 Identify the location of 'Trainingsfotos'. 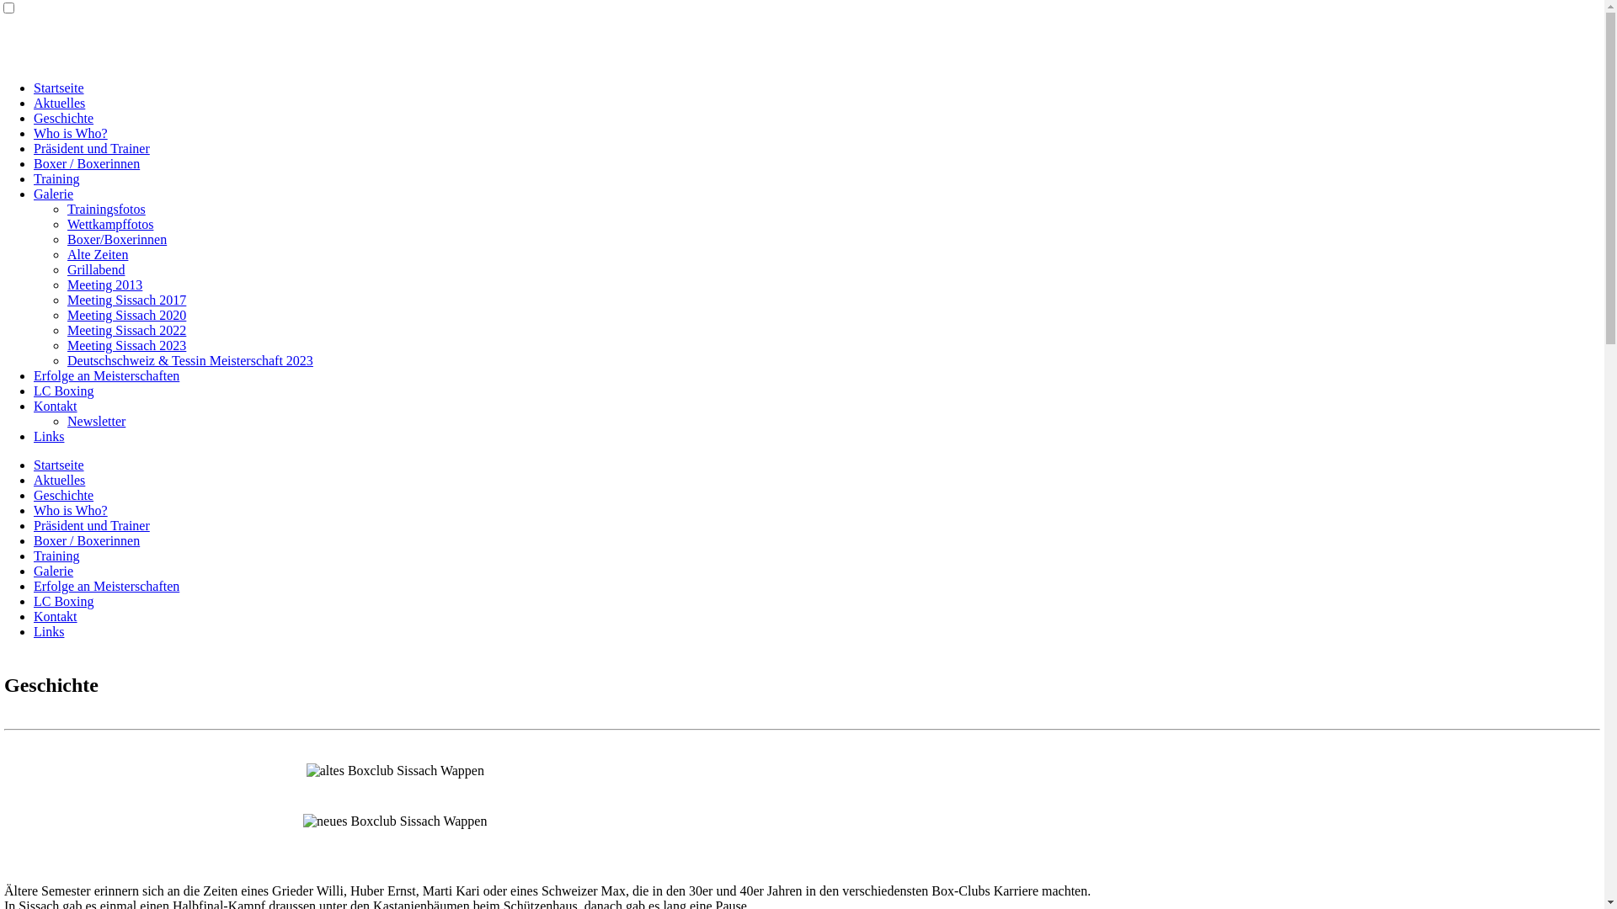
(105, 208).